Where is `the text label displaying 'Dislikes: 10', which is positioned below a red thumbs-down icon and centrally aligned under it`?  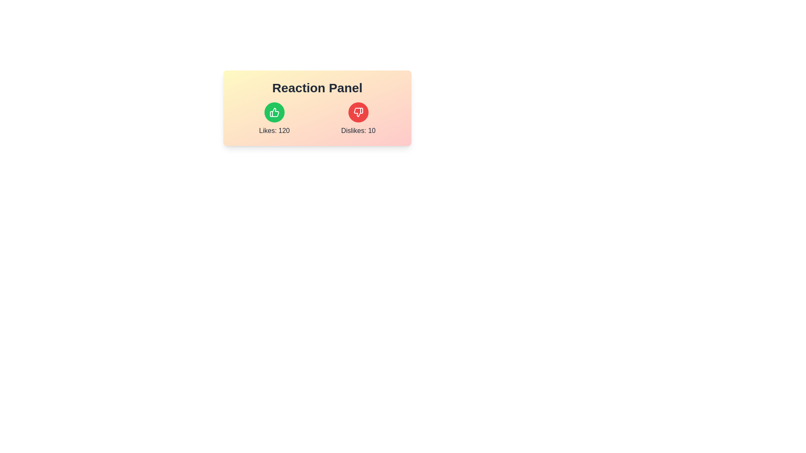
the text label displaying 'Dislikes: 10', which is positioned below a red thumbs-down icon and centrally aligned under it is located at coordinates (358, 131).